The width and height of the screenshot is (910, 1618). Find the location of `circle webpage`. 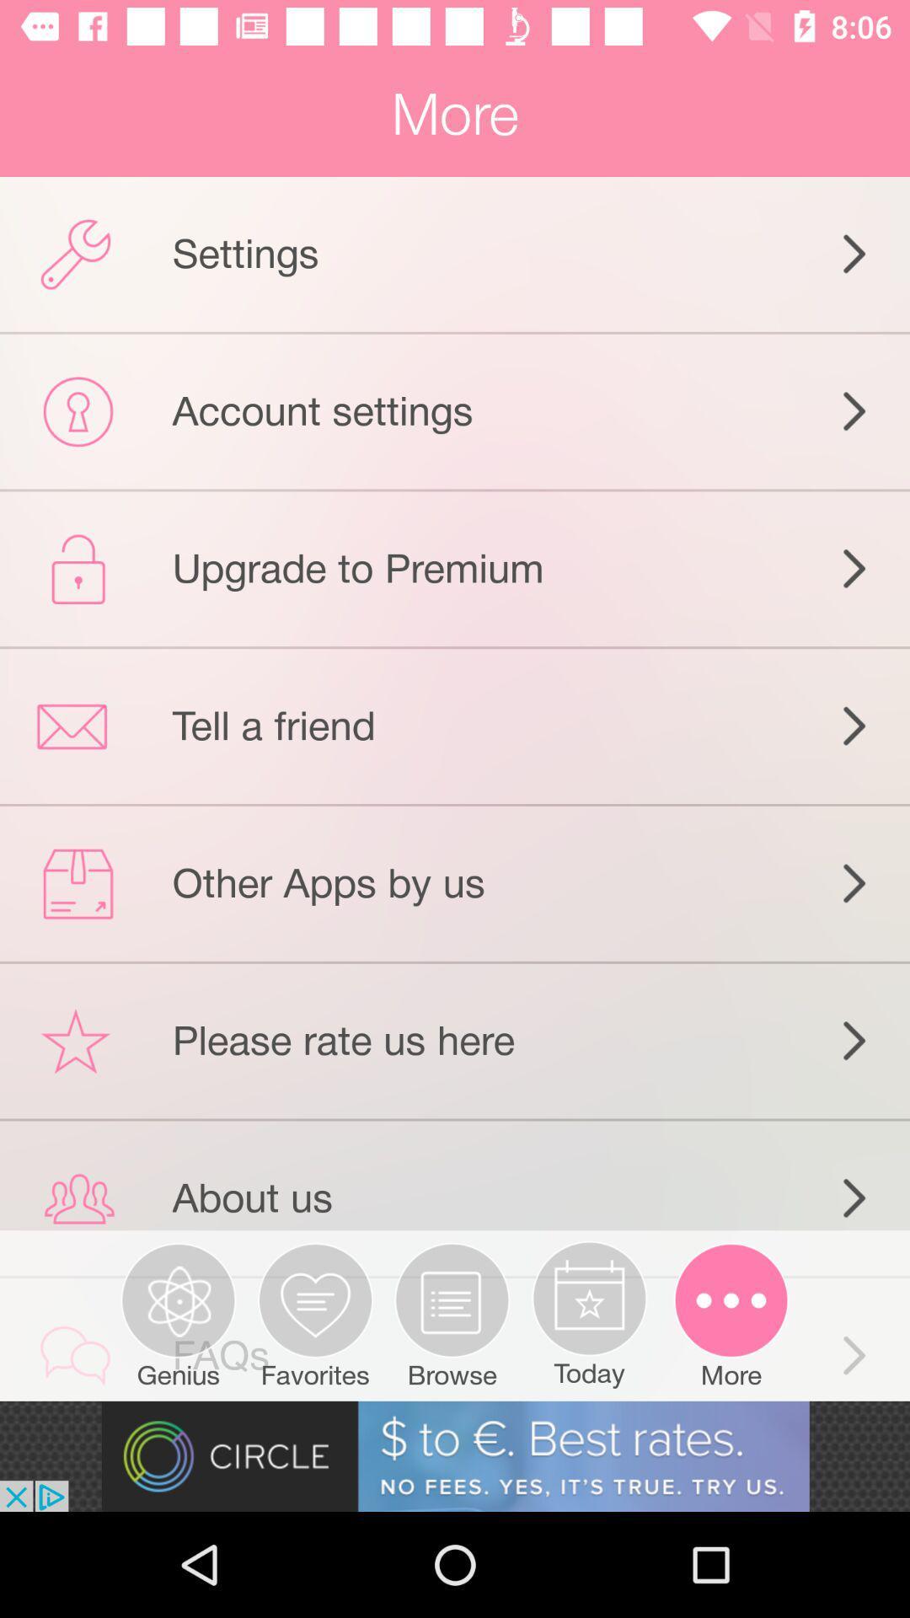

circle webpage is located at coordinates (455, 1455).